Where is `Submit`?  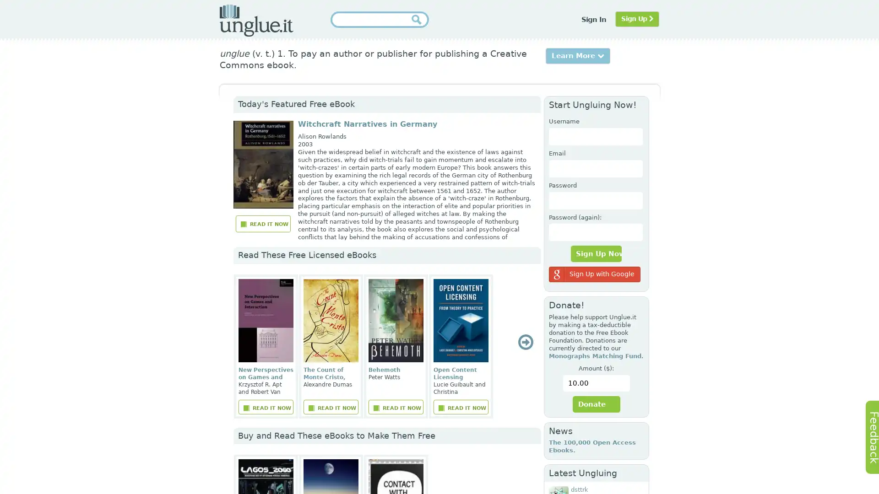
Submit is located at coordinates (419, 19).